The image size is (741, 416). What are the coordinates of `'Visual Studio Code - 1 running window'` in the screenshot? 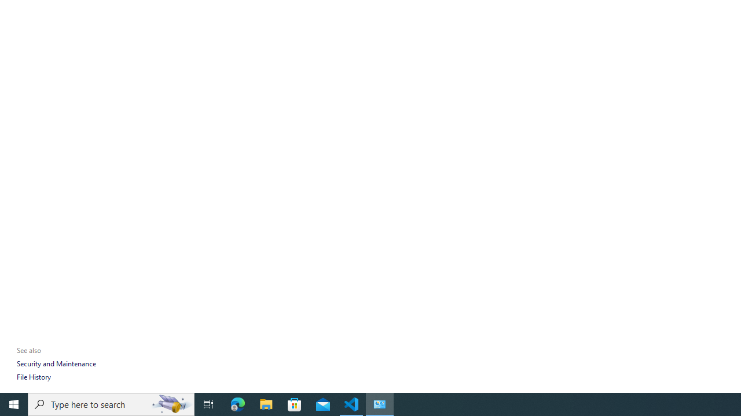 It's located at (351, 403).